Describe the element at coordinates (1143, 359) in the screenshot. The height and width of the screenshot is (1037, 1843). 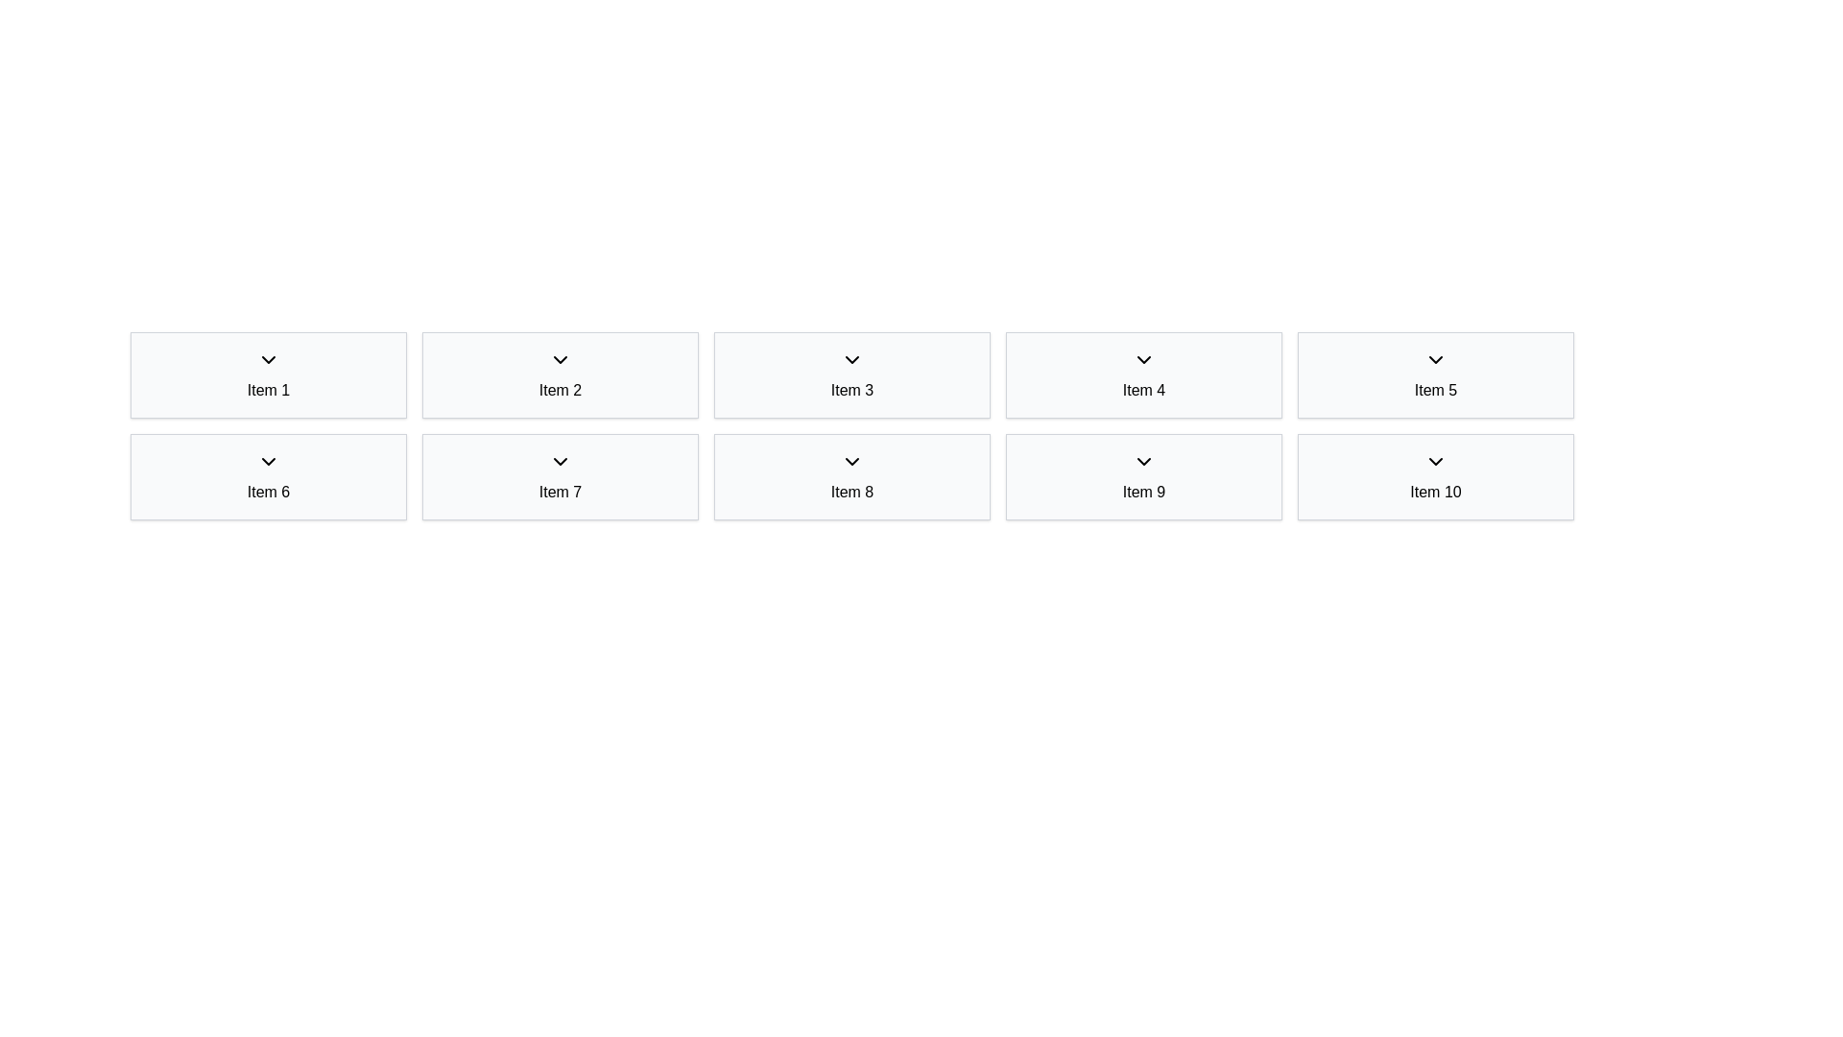
I see `the dropdown toggle button with a chevron-down icon located at the top-center of the 'Item 4' card` at that location.